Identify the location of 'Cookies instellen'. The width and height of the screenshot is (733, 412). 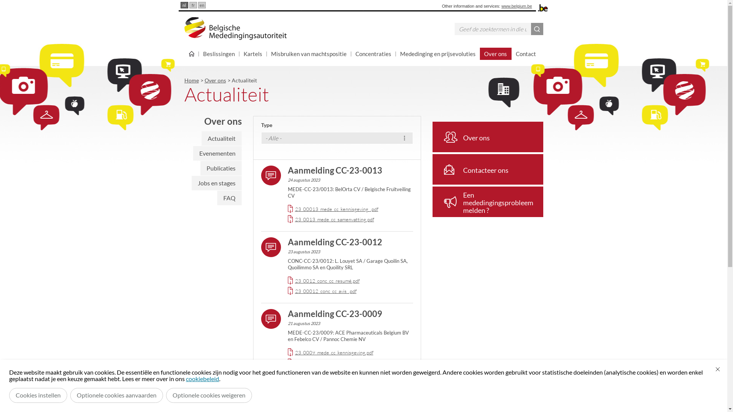
(38, 395).